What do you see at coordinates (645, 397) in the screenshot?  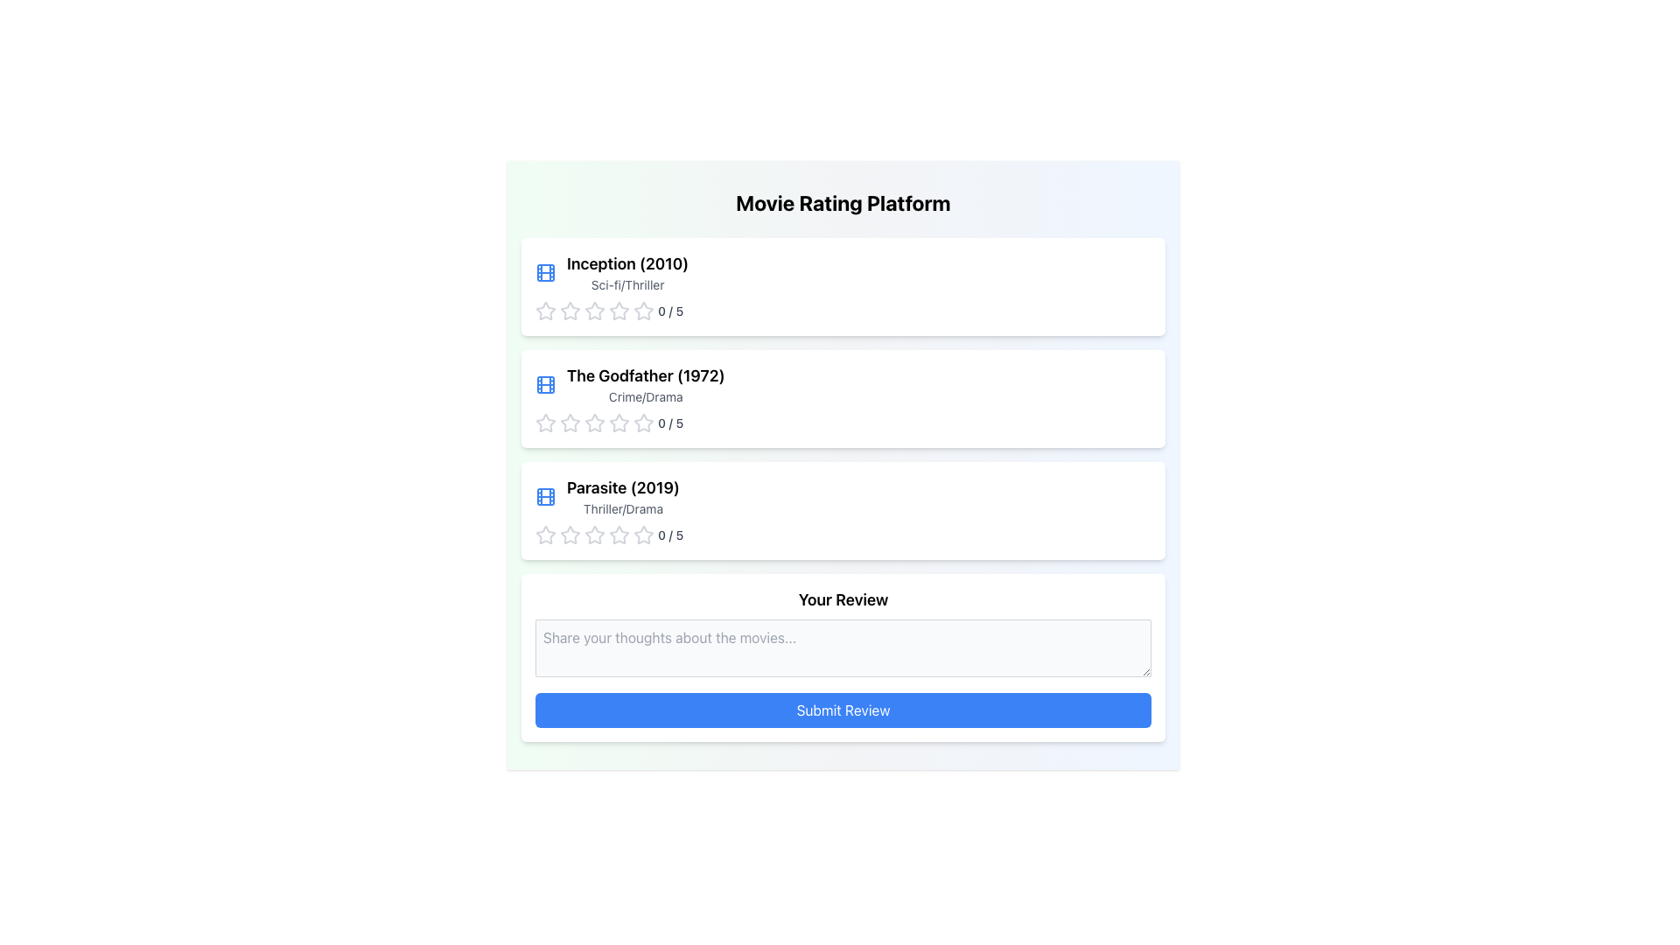 I see `the text label indicating the genre(s) of the movie 'The Godfather (1972)', which is located beneath the title within the second list item of a vertically stacked list` at bounding box center [645, 397].